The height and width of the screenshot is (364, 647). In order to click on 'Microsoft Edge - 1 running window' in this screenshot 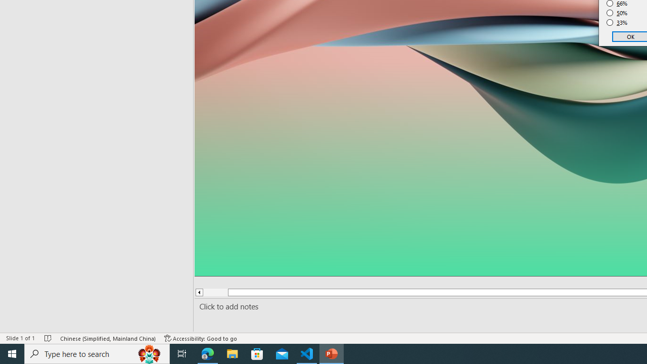, I will do `click(207, 353)`.